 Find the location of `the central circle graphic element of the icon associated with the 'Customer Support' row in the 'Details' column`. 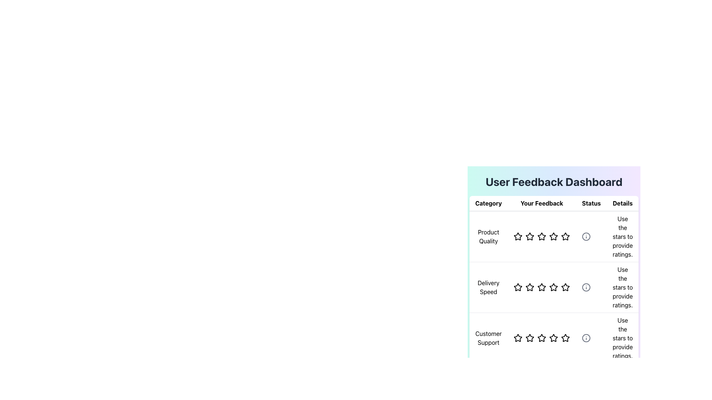

the central circle graphic element of the icon associated with the 'Customer Support' row in the 'Details' column is located at coordinates (586, 338).